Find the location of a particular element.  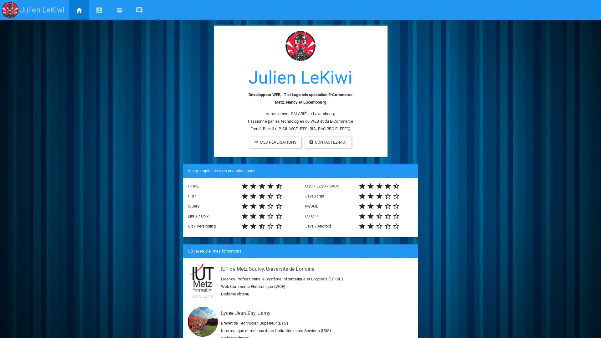

MES REALISATIONS (PORTFOLIO) is located at coordinates (275, 142).